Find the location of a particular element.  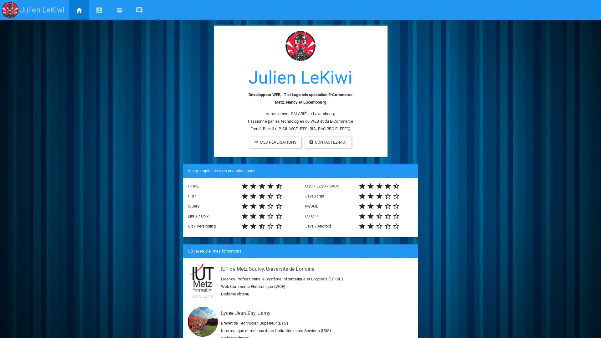

MES REALISATIONS (PORTFOLIO) is located at coordinates (275, 142).